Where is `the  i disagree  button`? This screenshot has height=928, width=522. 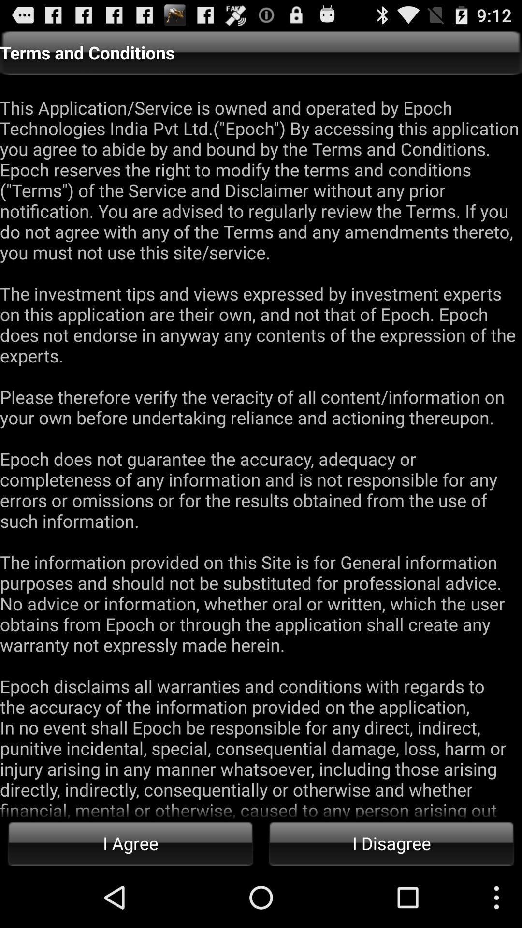
the  i disagree  button is located at coordinates (391, 842).